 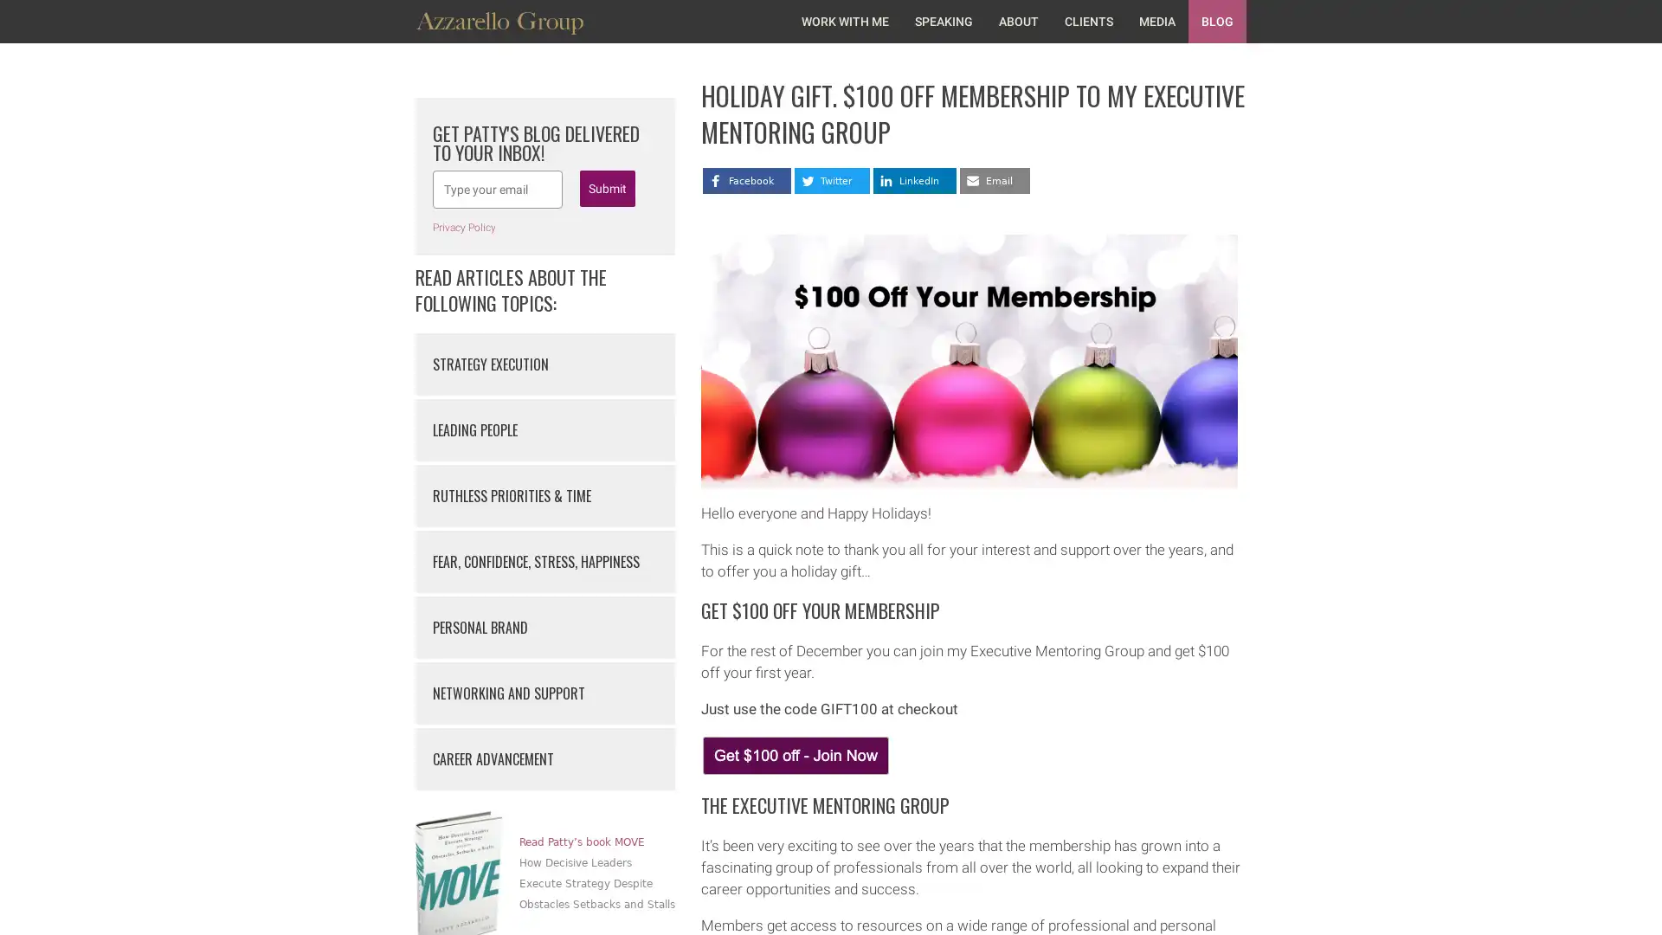 I want to click on Submit, so click(x=607, y=189).